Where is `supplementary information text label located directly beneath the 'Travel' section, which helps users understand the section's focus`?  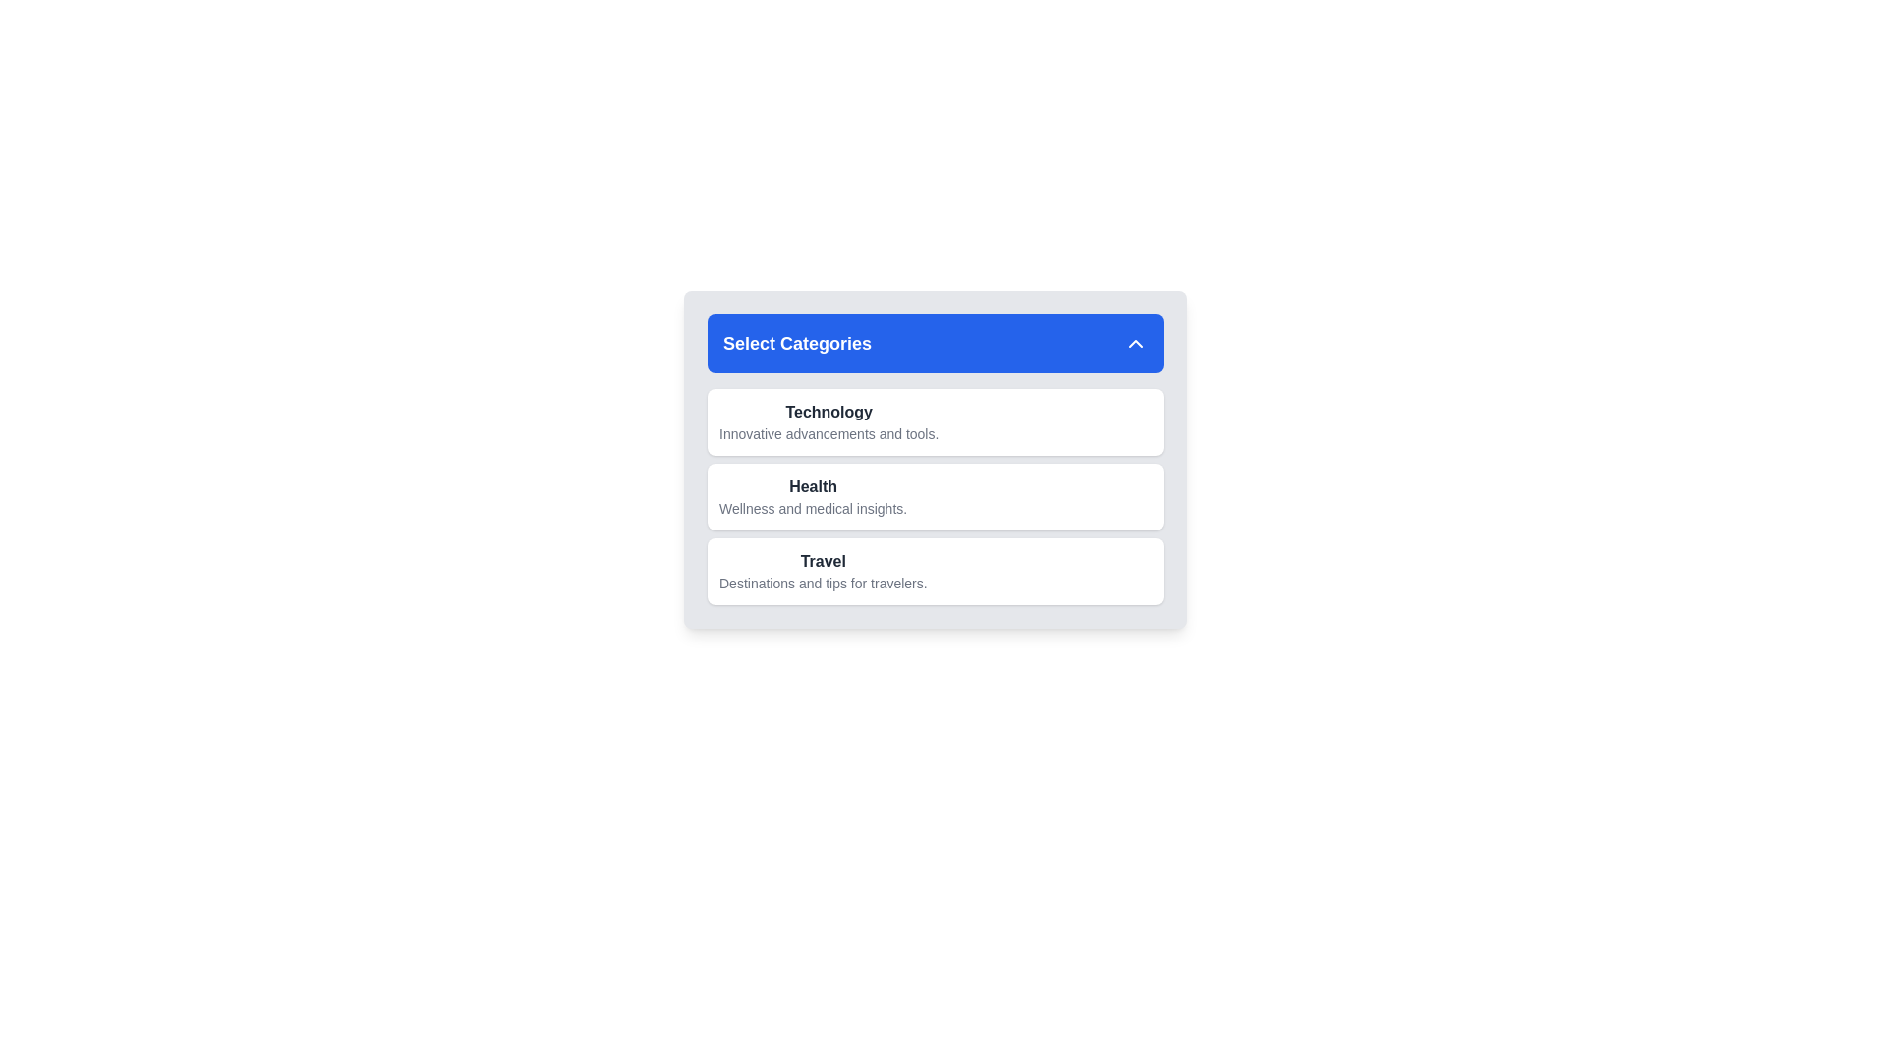 supplementary information text label located directly beneath the 'Travel' section, which helps users understand the section's focus is located at coordinates (823, 583).